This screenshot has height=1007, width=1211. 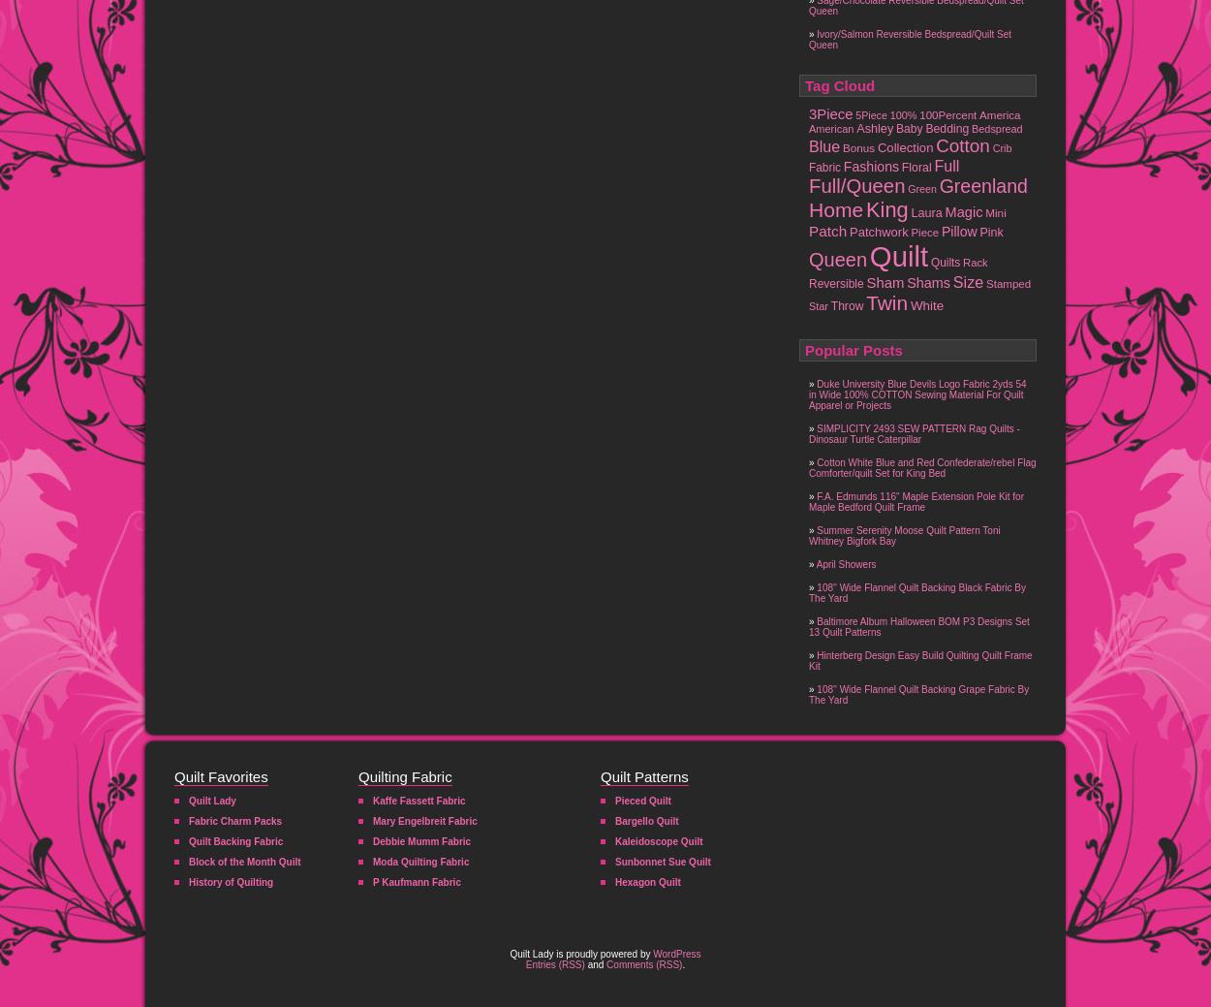 I want to click on 'Magic', so click(x=962, y=212).